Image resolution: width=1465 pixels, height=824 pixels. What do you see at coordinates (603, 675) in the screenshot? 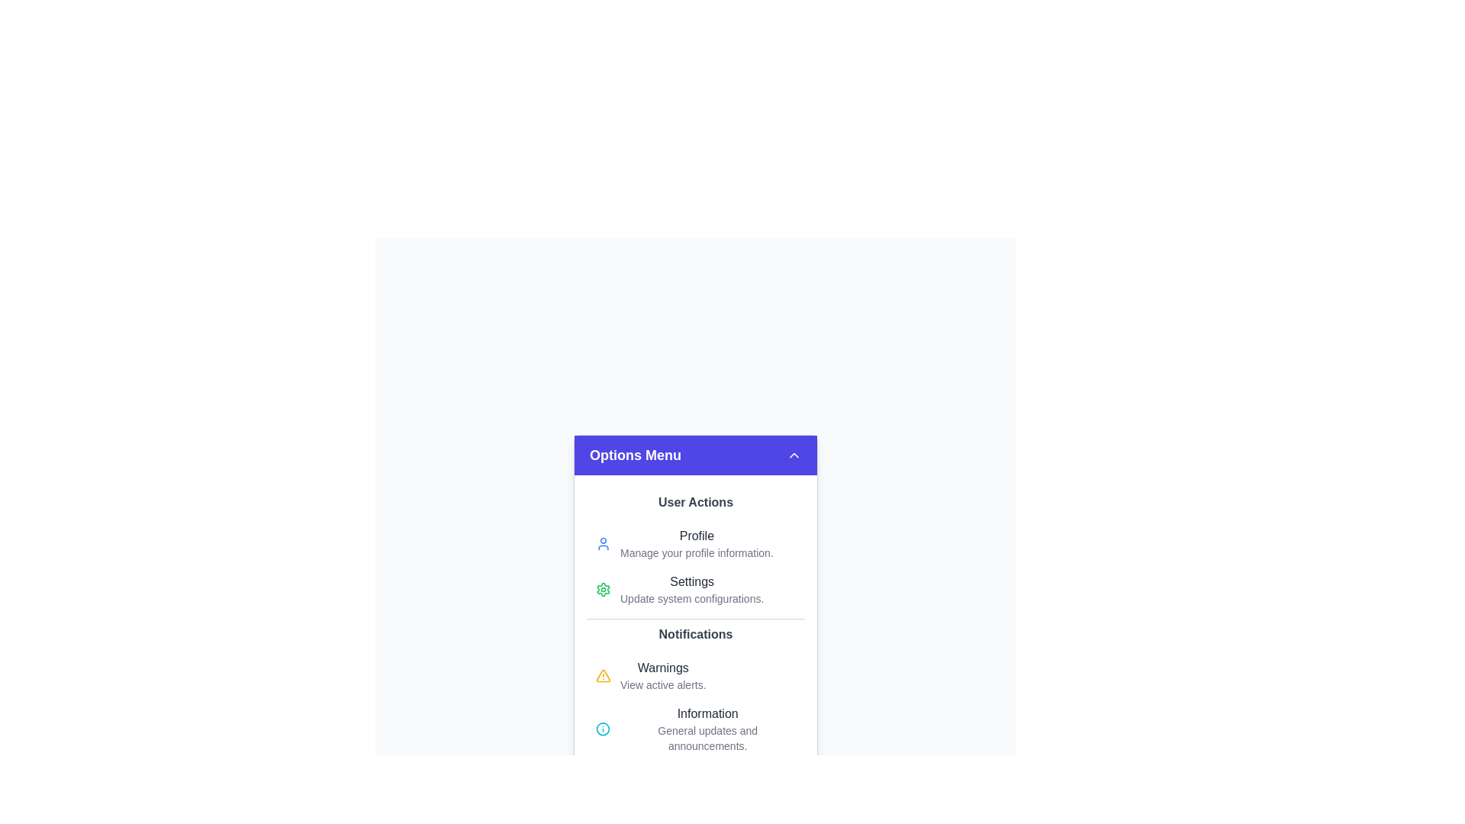
I see `the small triangular warning icon with a vivid yellow border and a white interior, which is positioned to the left of the text label 'Warnings View active alerts' in the Notifications menu subsection` at bounding box center [603, 675].